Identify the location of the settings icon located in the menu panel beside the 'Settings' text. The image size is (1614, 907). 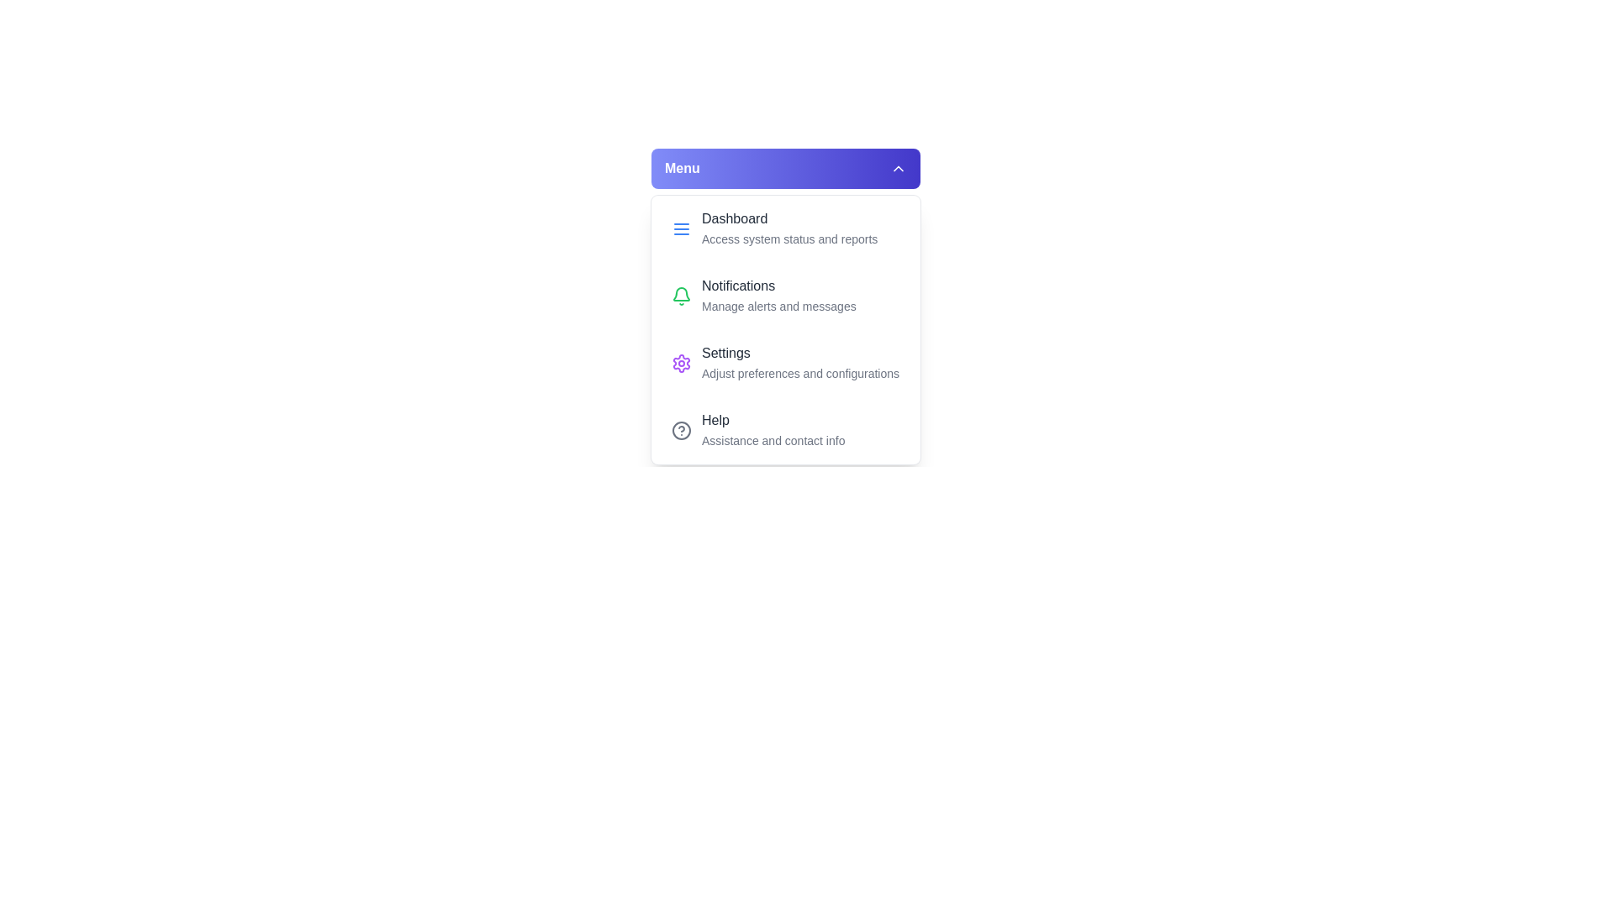
(682, 362).